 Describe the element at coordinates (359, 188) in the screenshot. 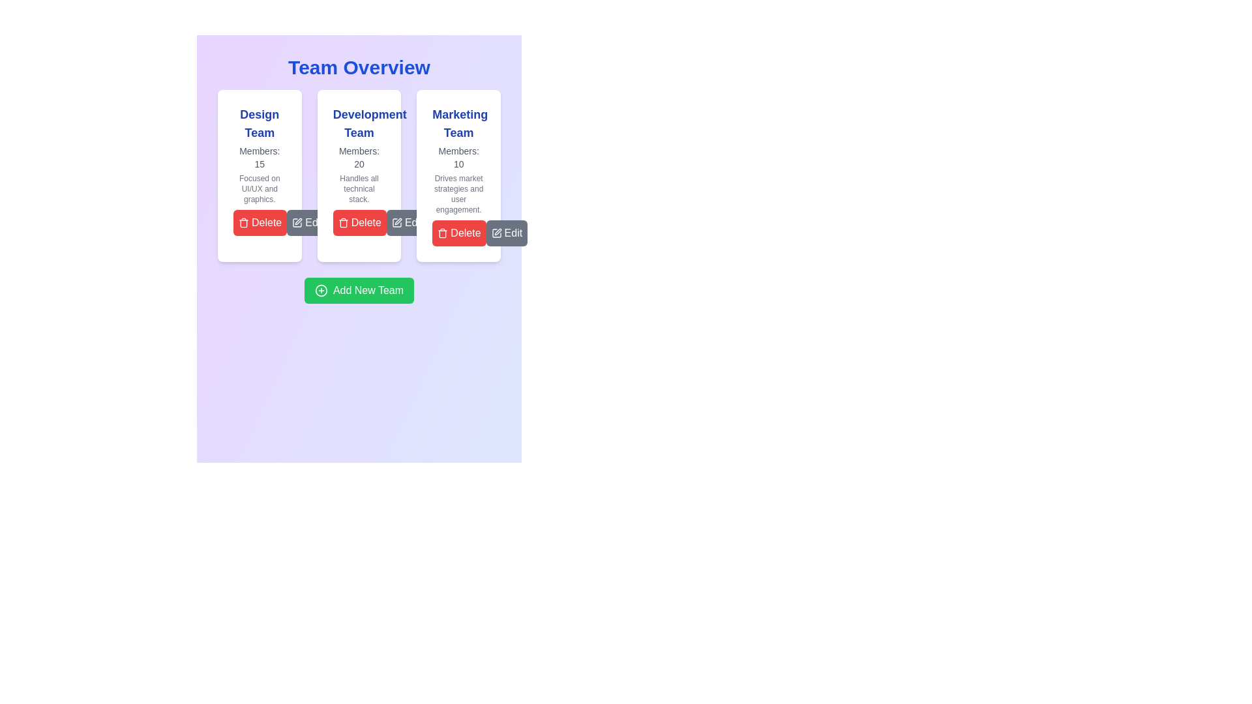

I see `the text block styled with a small gray font that reads 'Handles all technical stack,' located centrally under 'Members: 20' and above the 'Delete' and 'Edit' buttons in the 'Development Team' box` at that location.